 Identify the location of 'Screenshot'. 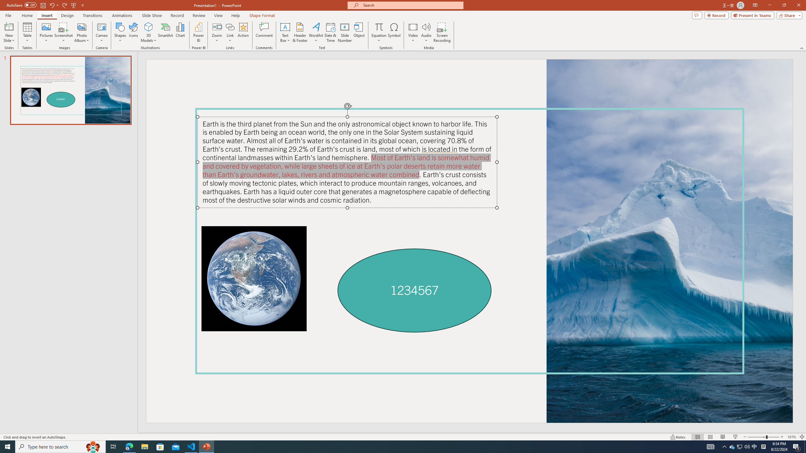
(63, 32).